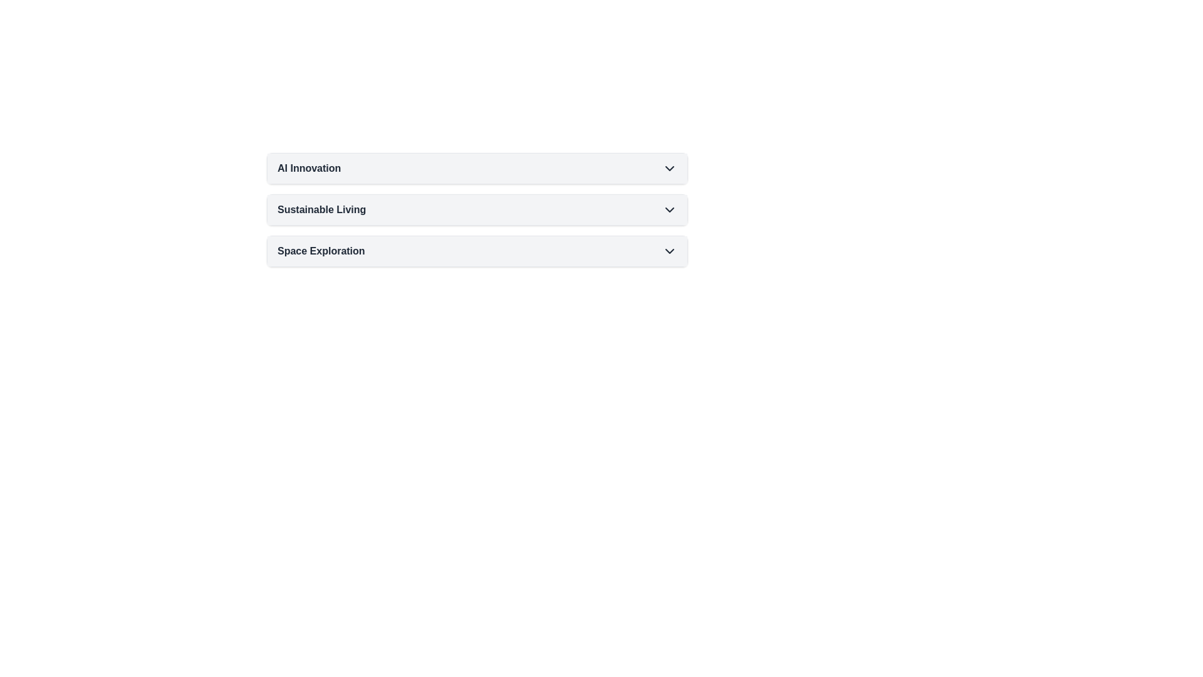 The image size is (1203, 677). I want to click on the third button in the vertically stacked menu list labeled 'Space Exploration', so click(477, 251).